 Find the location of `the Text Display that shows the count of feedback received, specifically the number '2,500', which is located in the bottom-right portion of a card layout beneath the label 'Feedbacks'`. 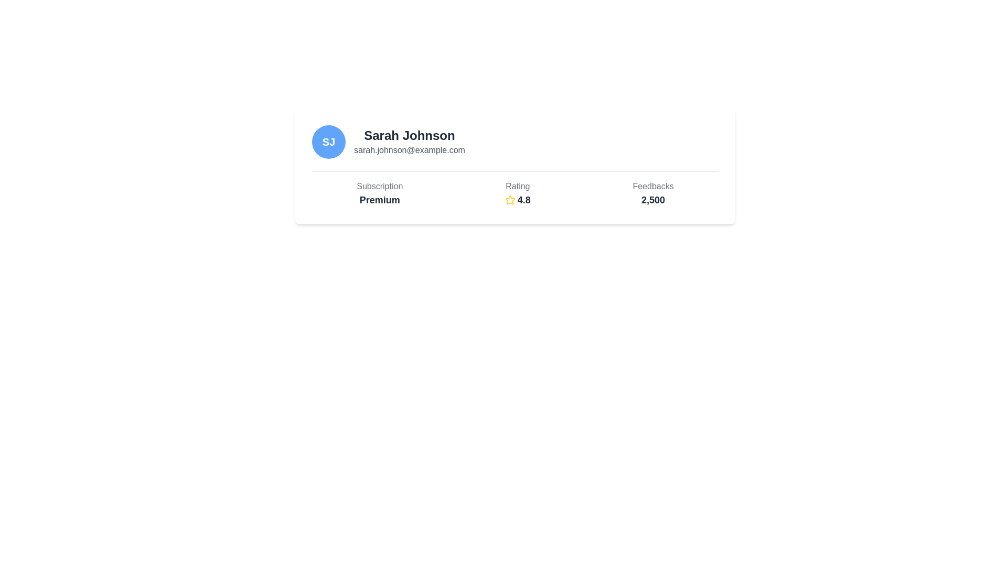

the Text Display that shows the count of feedback received, specifically the number '2,500', which is located in the bottom-right portion of a card layout beneath the label 'Feedbacks' is located at coordinates (652, 200).